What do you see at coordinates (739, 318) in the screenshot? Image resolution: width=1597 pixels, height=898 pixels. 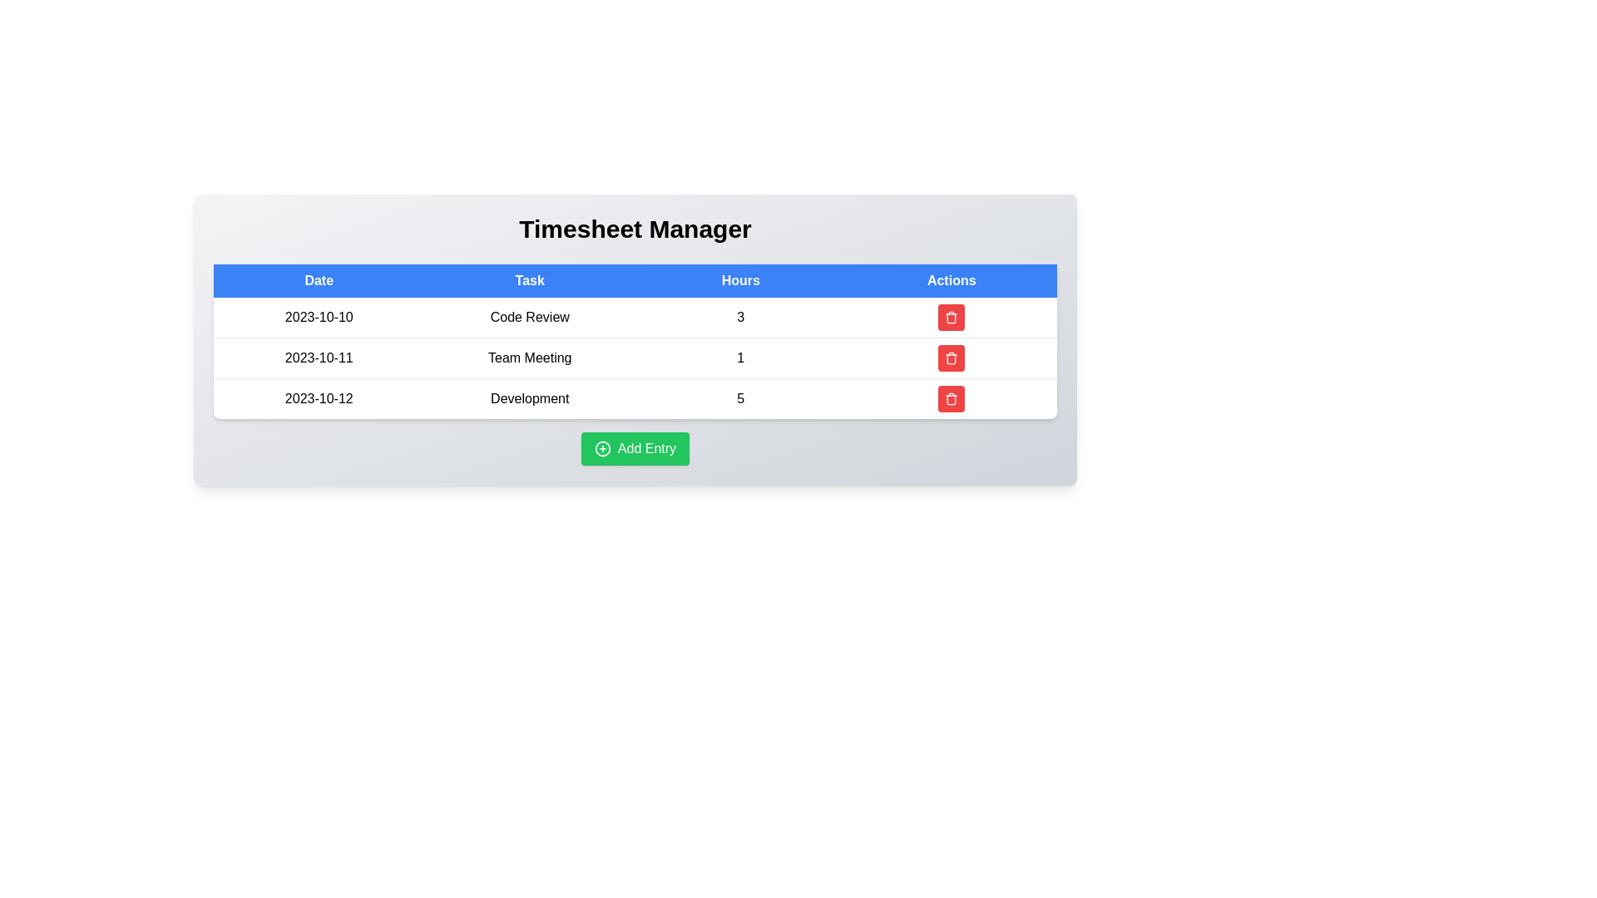 I see `the numeric value '3' in the 'Hours' column for the task 'Code Review' on the date '2023-10-10'` at bounding box center [739, 318].